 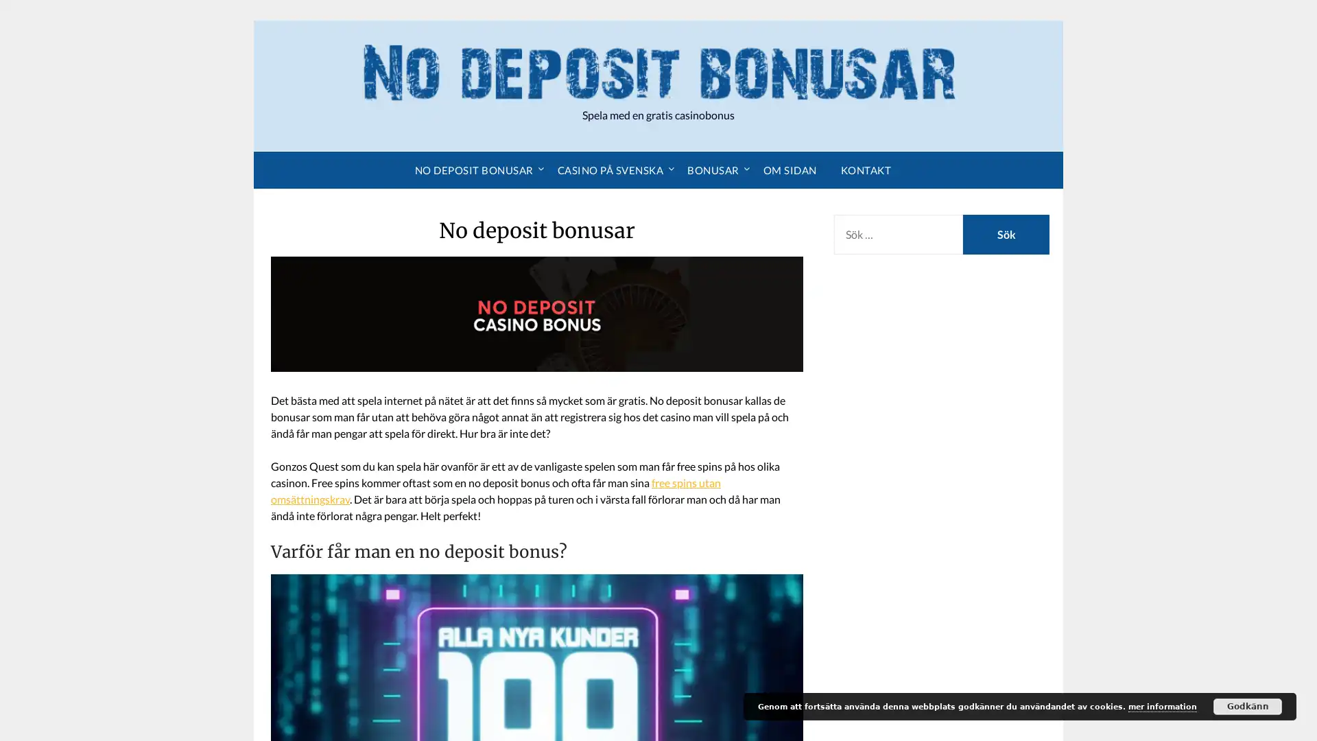 I want to click on Godkann, so click(x=1248, y=706).